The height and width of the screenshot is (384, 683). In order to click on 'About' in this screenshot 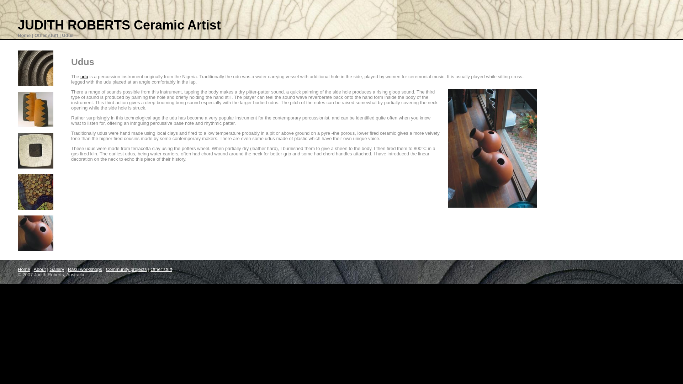, I will do `click(39, 269)`.